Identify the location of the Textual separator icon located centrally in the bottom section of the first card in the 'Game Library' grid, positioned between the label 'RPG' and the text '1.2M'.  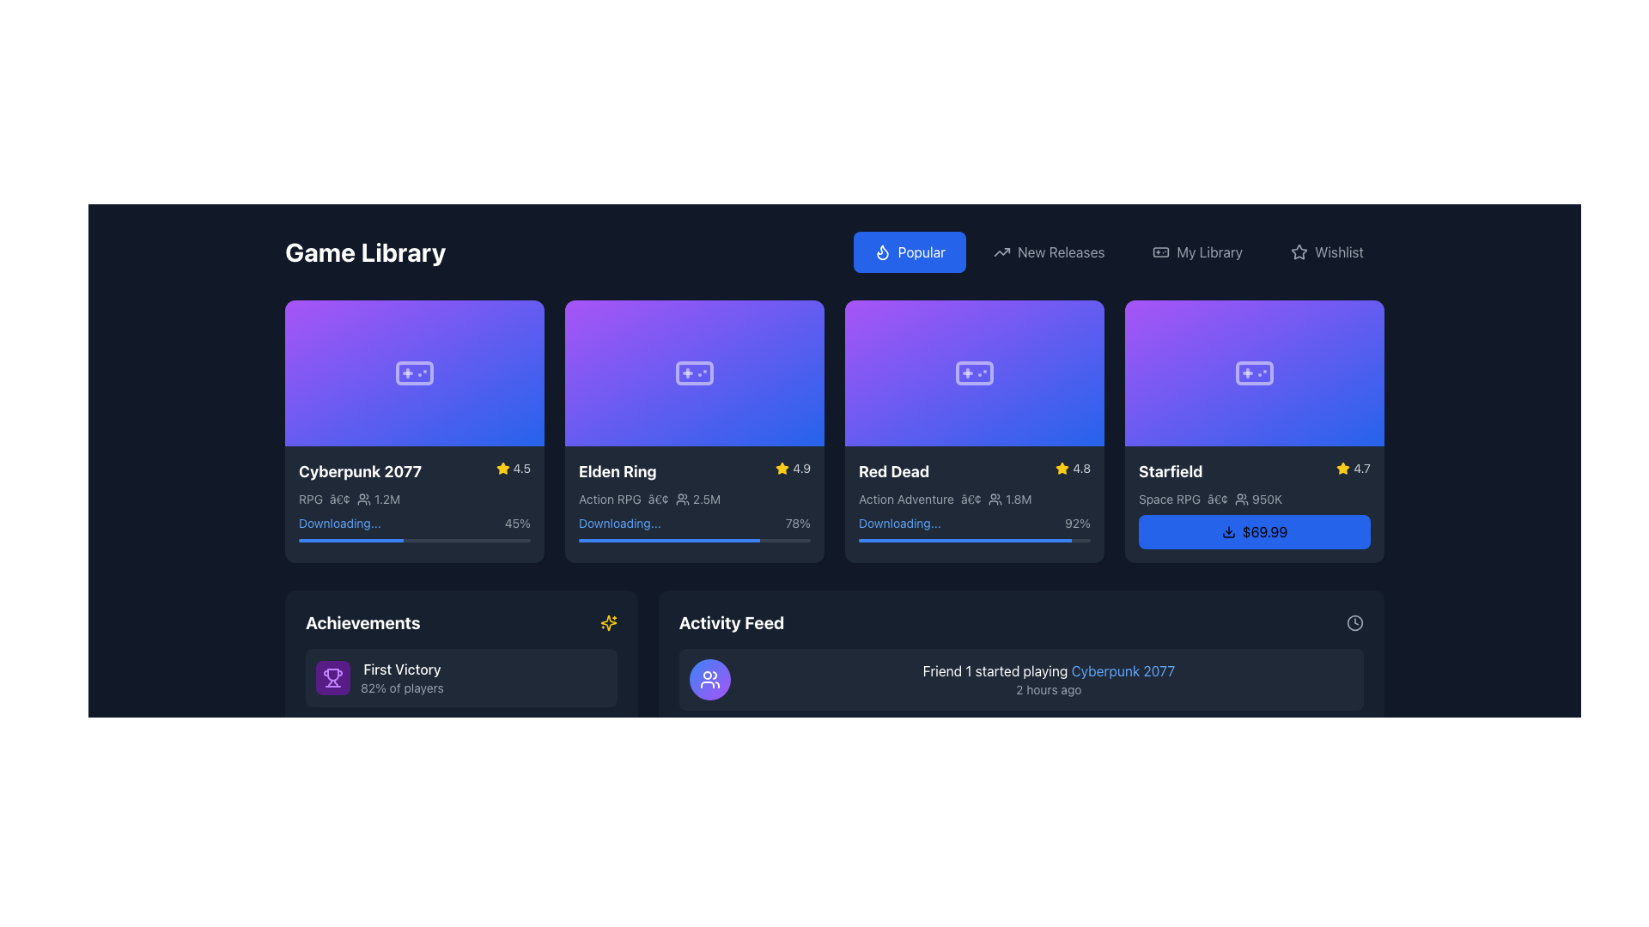
(340, 499).